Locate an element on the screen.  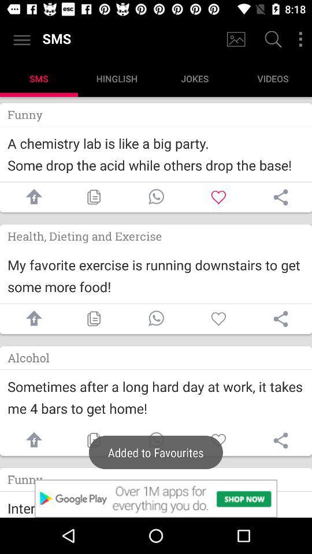
the button serves to like the image is located at coordinates (218, 319).